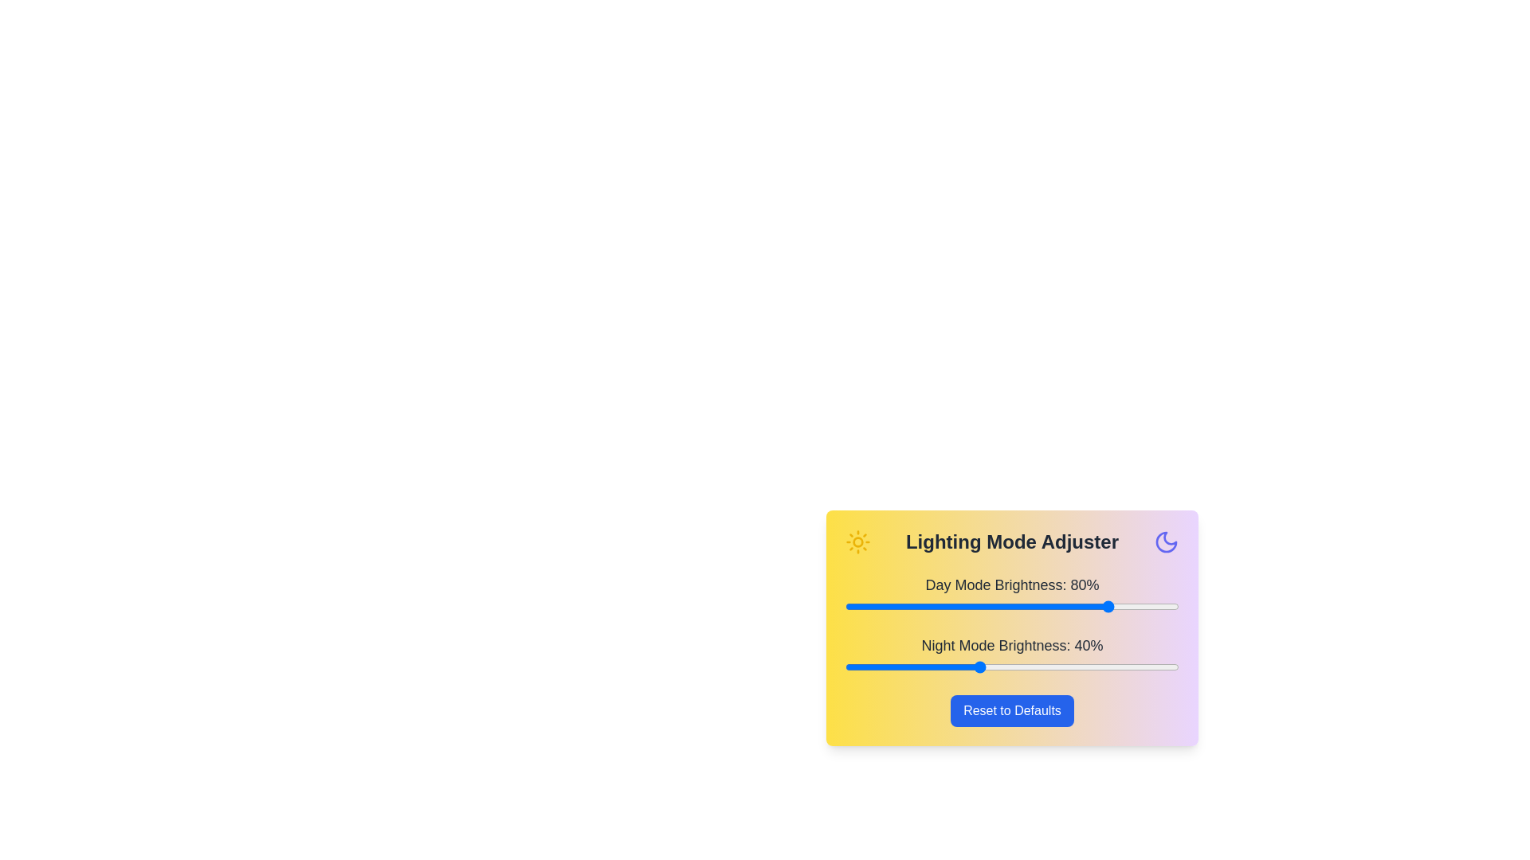 The height and width of the screenshot is (860, 1530). What do you see at coordinates (1149, 607) in the screenshot?
I see `the day mode brightness slider to 91%` at bounding box center [1149, 607].